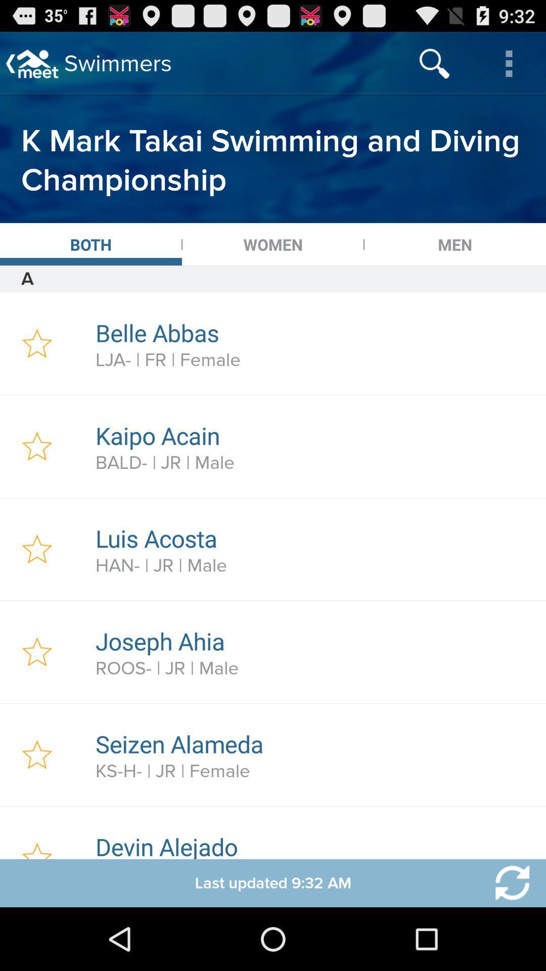 Image resolution: width=546 pixels, height=971 pixels. What do you see at coordinates (36, 832) in the screenshot?
I see `favorites option` at bounding box center [36, 832].